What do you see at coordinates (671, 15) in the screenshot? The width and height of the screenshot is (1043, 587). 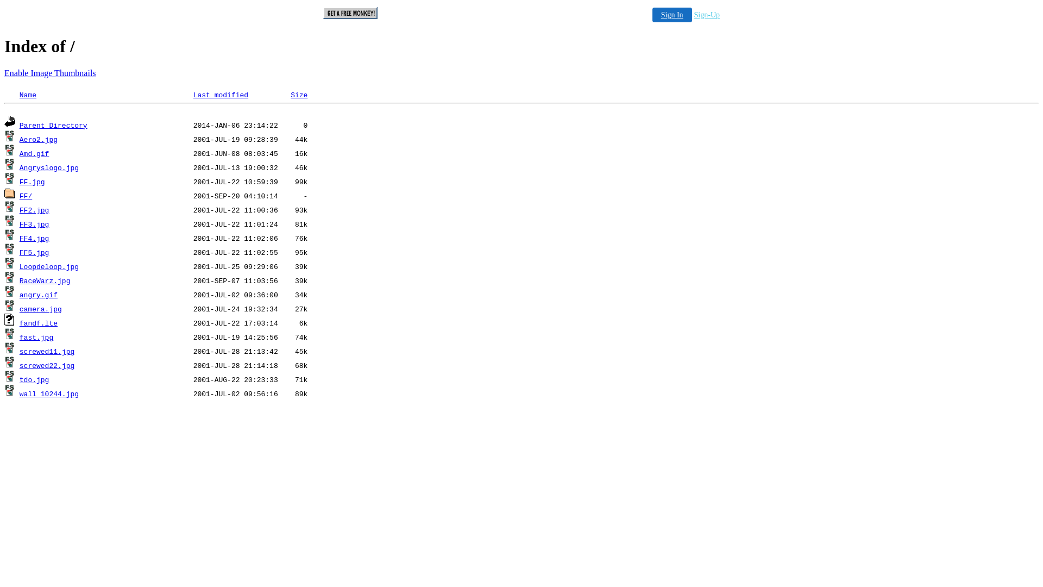 I see `'Sign In'` at bounding box center [671, 15].